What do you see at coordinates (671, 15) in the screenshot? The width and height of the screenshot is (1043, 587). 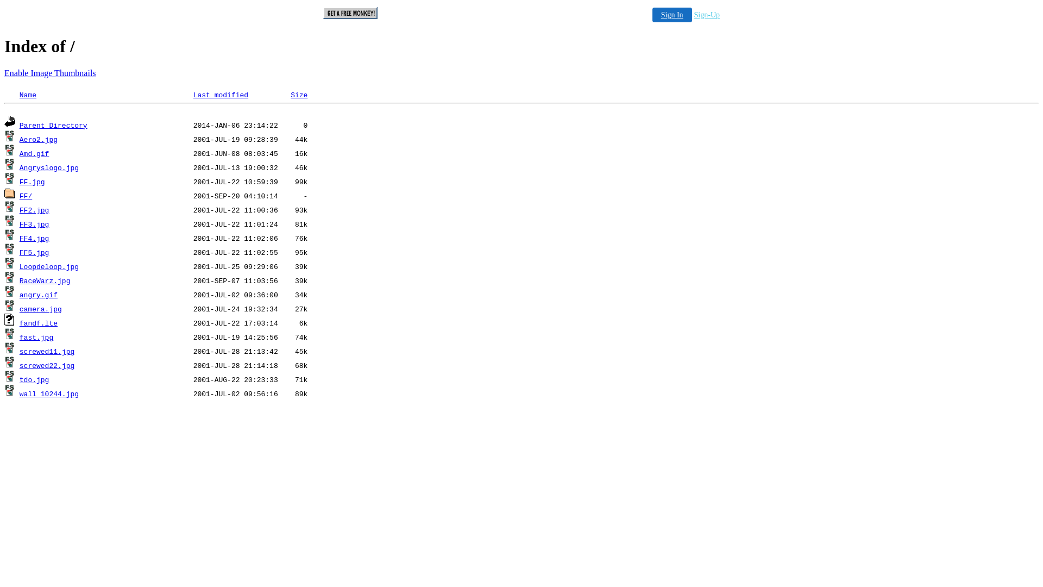 I see `'Sign In'` at bounding box center [671, 15].